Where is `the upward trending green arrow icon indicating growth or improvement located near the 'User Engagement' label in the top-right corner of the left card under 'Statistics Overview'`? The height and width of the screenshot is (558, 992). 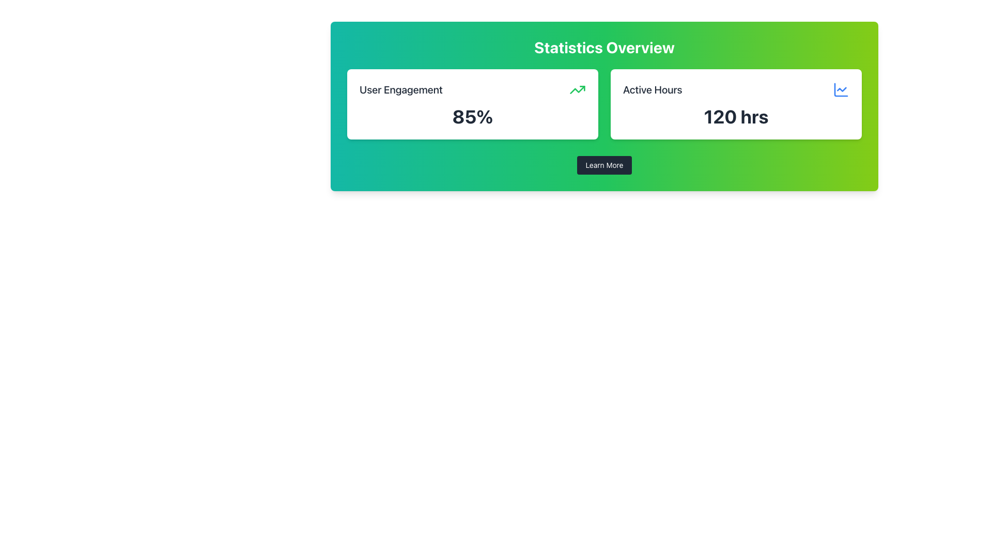 the upward trending green arrow icon indicating growth or improvement located near the 'User Engagement' label in the top-right corner of the left card under 'Statistics Overview' is located at coordinates (577, 89).